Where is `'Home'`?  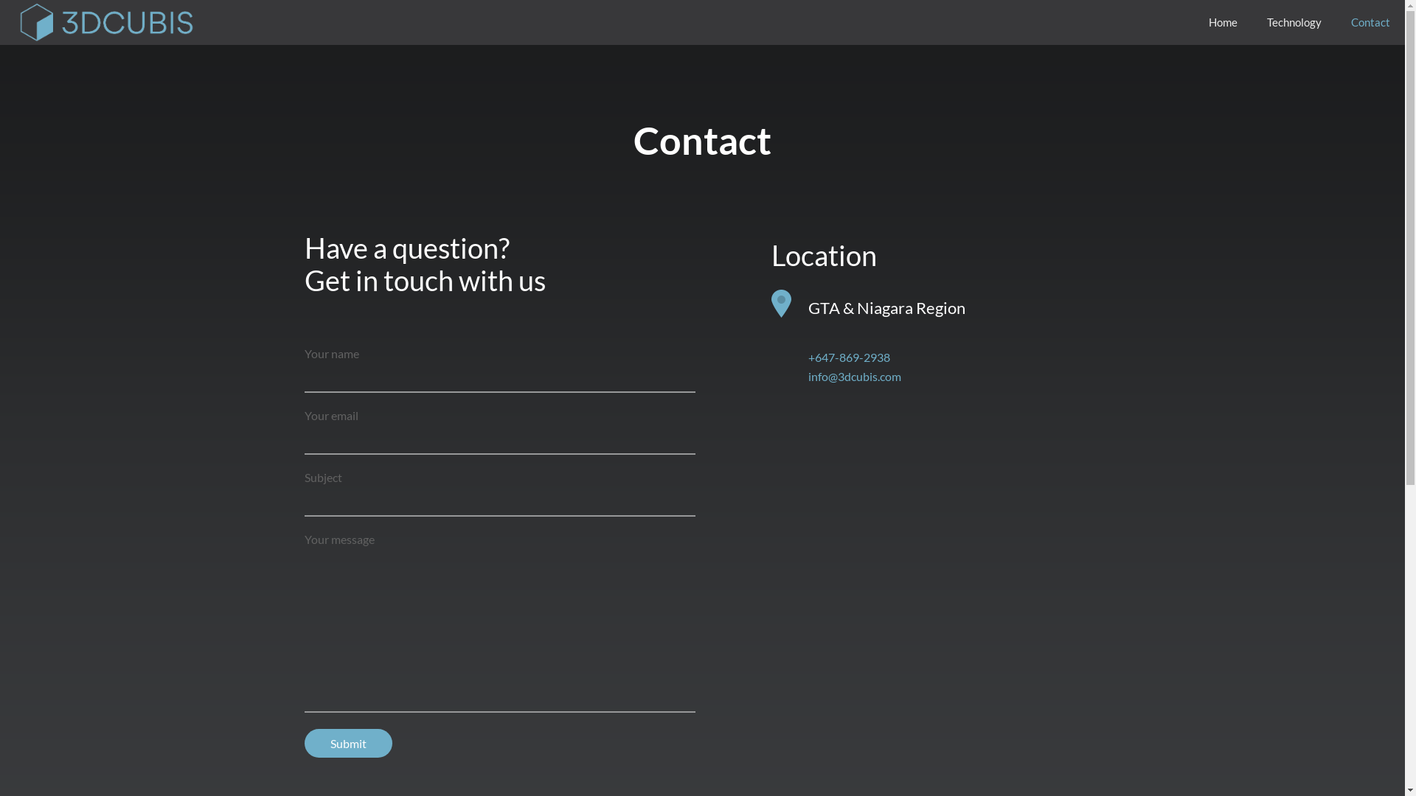
'Home' is located at coordinates (1223, 22).